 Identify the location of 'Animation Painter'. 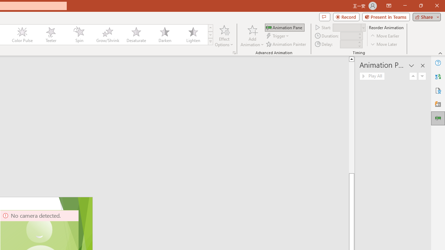
(286, 44).